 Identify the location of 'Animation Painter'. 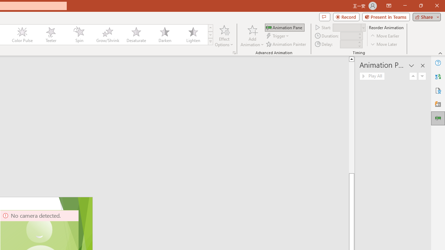
(286, 44).